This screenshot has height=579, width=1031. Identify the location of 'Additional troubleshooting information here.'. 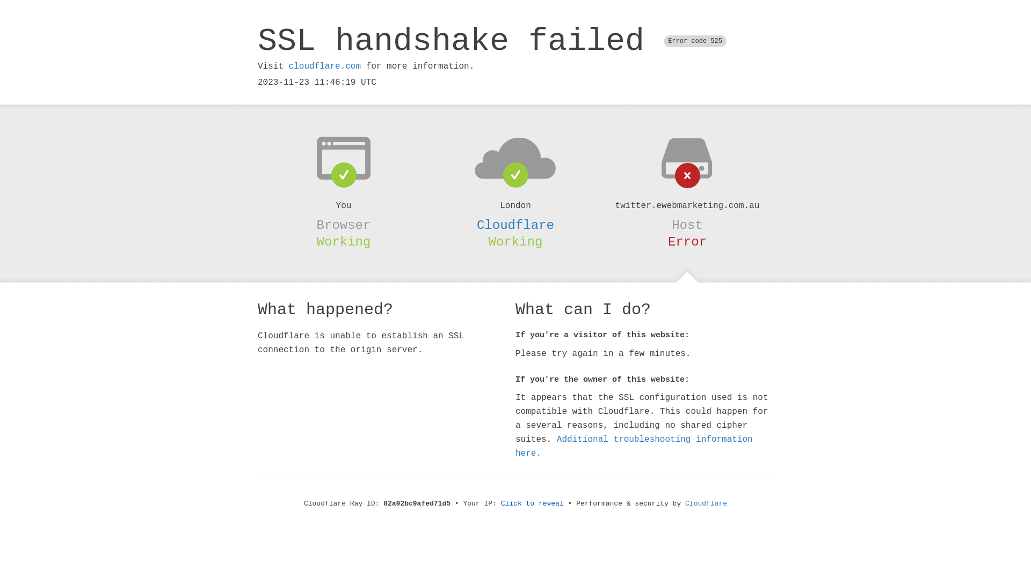
(634, 447).